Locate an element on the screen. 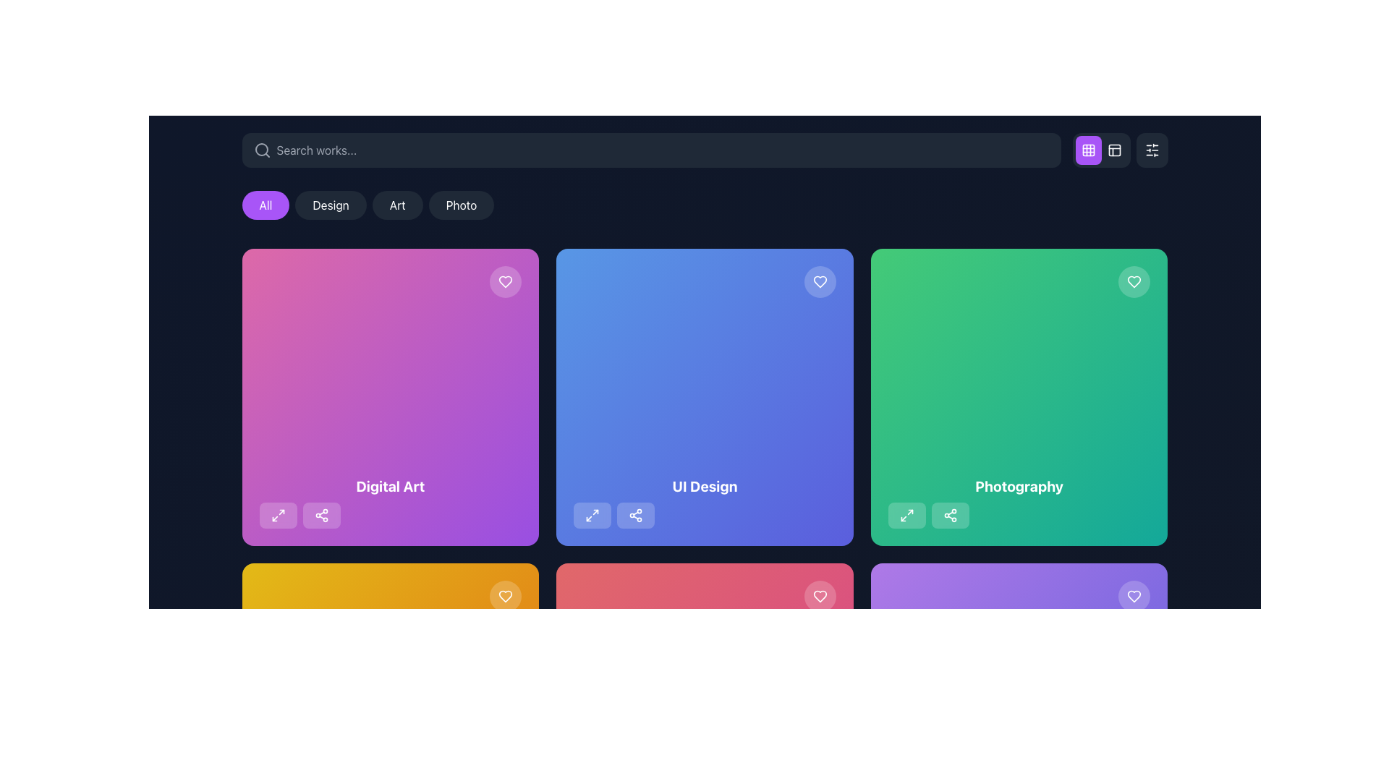  the top-right menu icon that toggles the top-left panel layout view is located at coordinates (1113, 150).